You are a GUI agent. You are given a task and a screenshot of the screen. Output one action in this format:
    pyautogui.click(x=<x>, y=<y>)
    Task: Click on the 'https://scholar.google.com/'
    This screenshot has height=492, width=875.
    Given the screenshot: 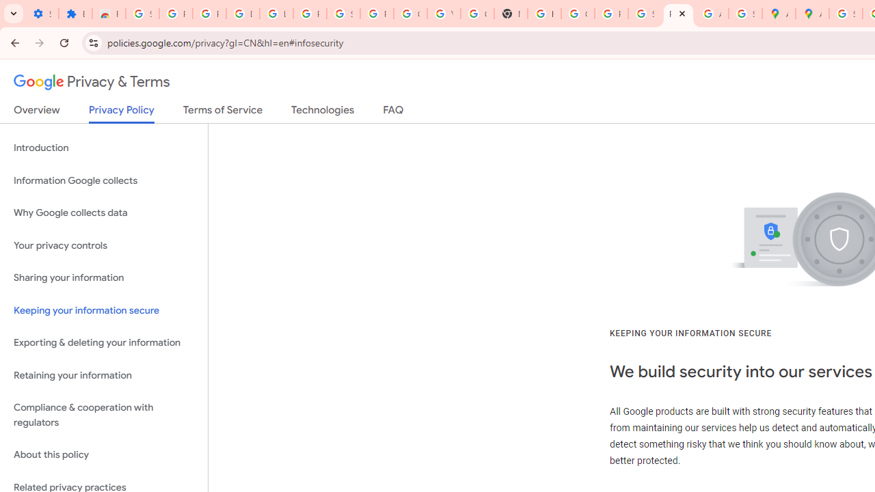 What is the action you would take?
    pyautogui.click(x=543, y=14)
    